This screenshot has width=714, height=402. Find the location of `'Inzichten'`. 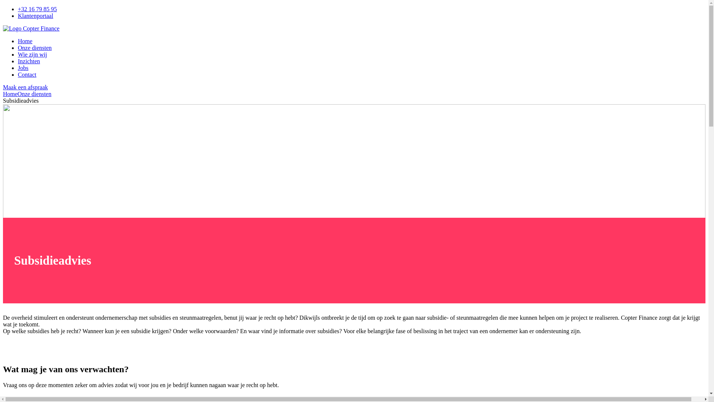

'Inzichten' is located at coordinates (29, 61).